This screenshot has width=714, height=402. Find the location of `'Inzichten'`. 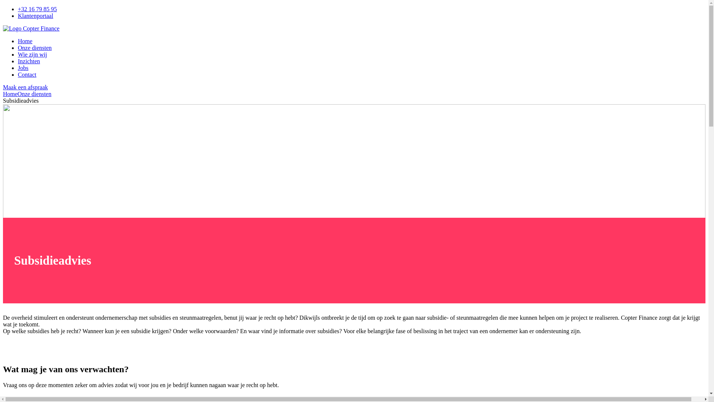

'Inzichten' is located at coordinates (29, 61).